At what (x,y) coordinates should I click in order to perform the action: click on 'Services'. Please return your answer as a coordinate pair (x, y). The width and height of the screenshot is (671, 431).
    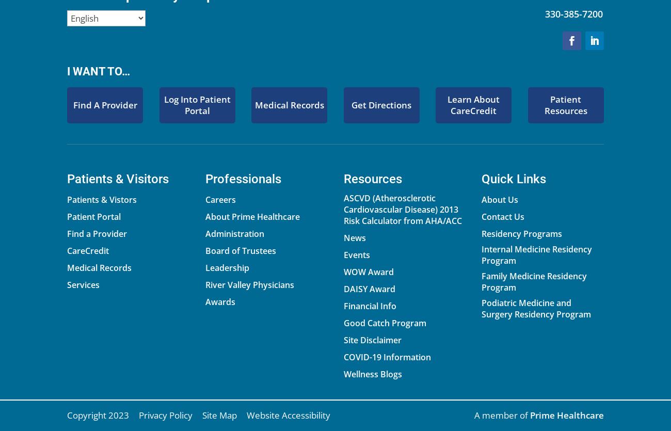
    Looking at the image, I should click on (83, 285).